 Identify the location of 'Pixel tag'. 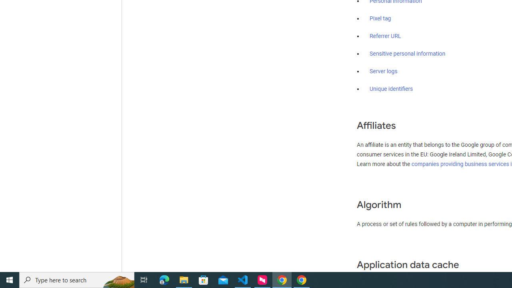
(380, 18).